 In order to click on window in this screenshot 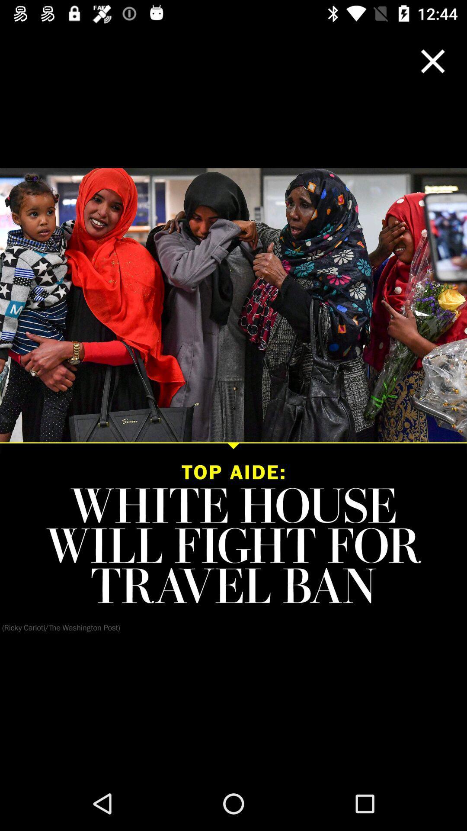, I will do `click(433, 61)`.